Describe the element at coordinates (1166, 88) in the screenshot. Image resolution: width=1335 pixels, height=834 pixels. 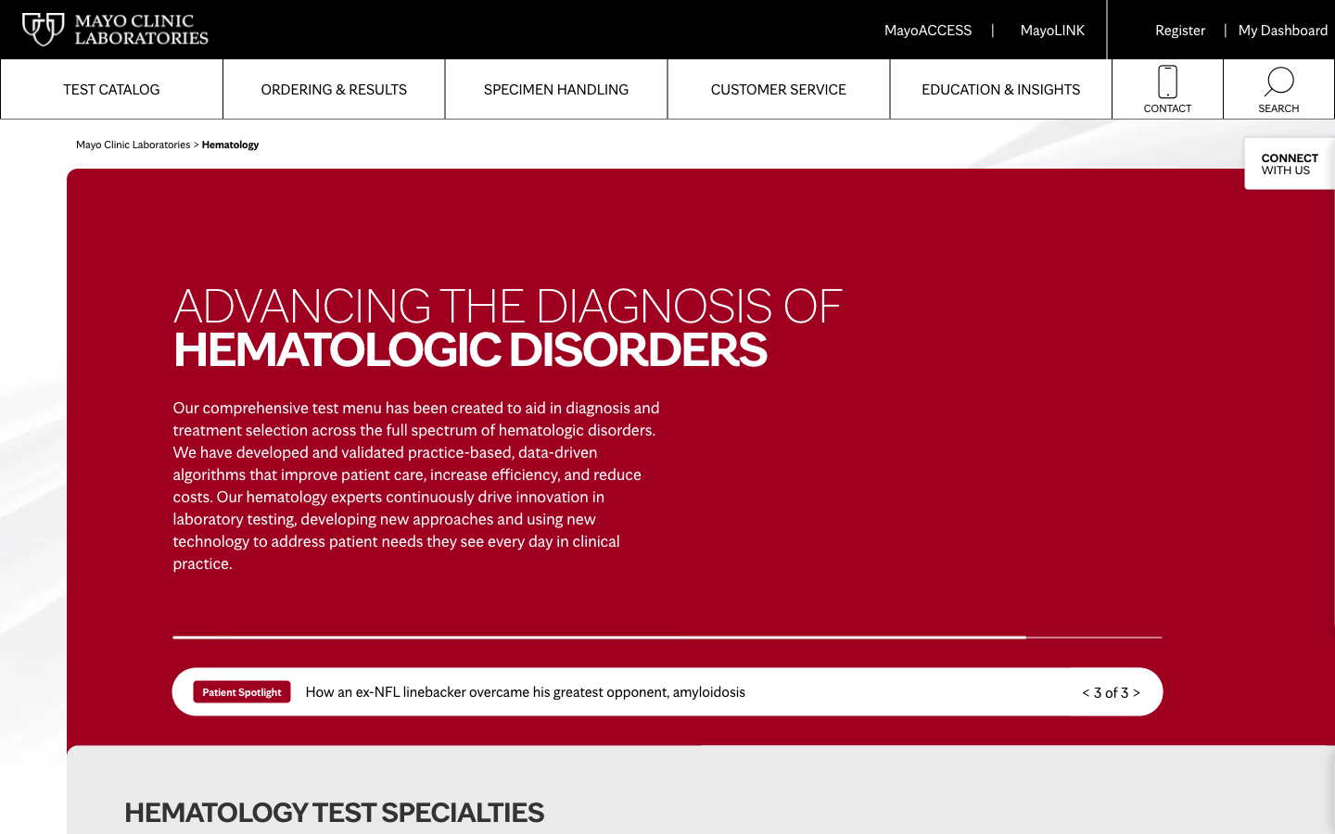
I see `Get in touch with Mayoclinic"s laboratories` at that location.